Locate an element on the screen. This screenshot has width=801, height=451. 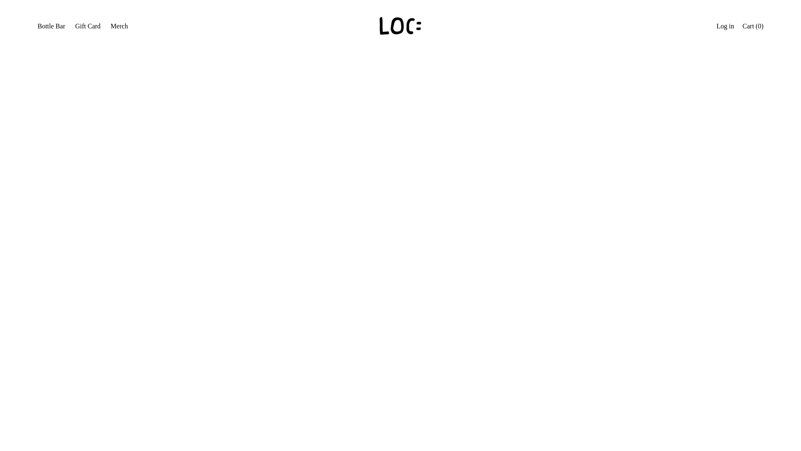
'LOC' is located at coordinates (74, 253).